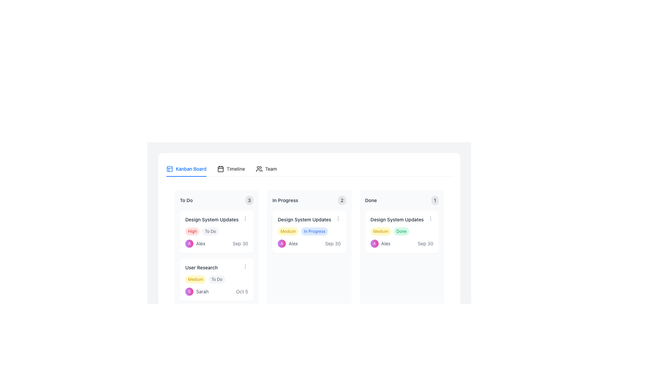 The width and height of the screenshot is (648, 365). Describe the element at coordinates (266, 169) in the screenshot. I see `the 'Team' tab navigation button, which features a user icon and black text` at that location.